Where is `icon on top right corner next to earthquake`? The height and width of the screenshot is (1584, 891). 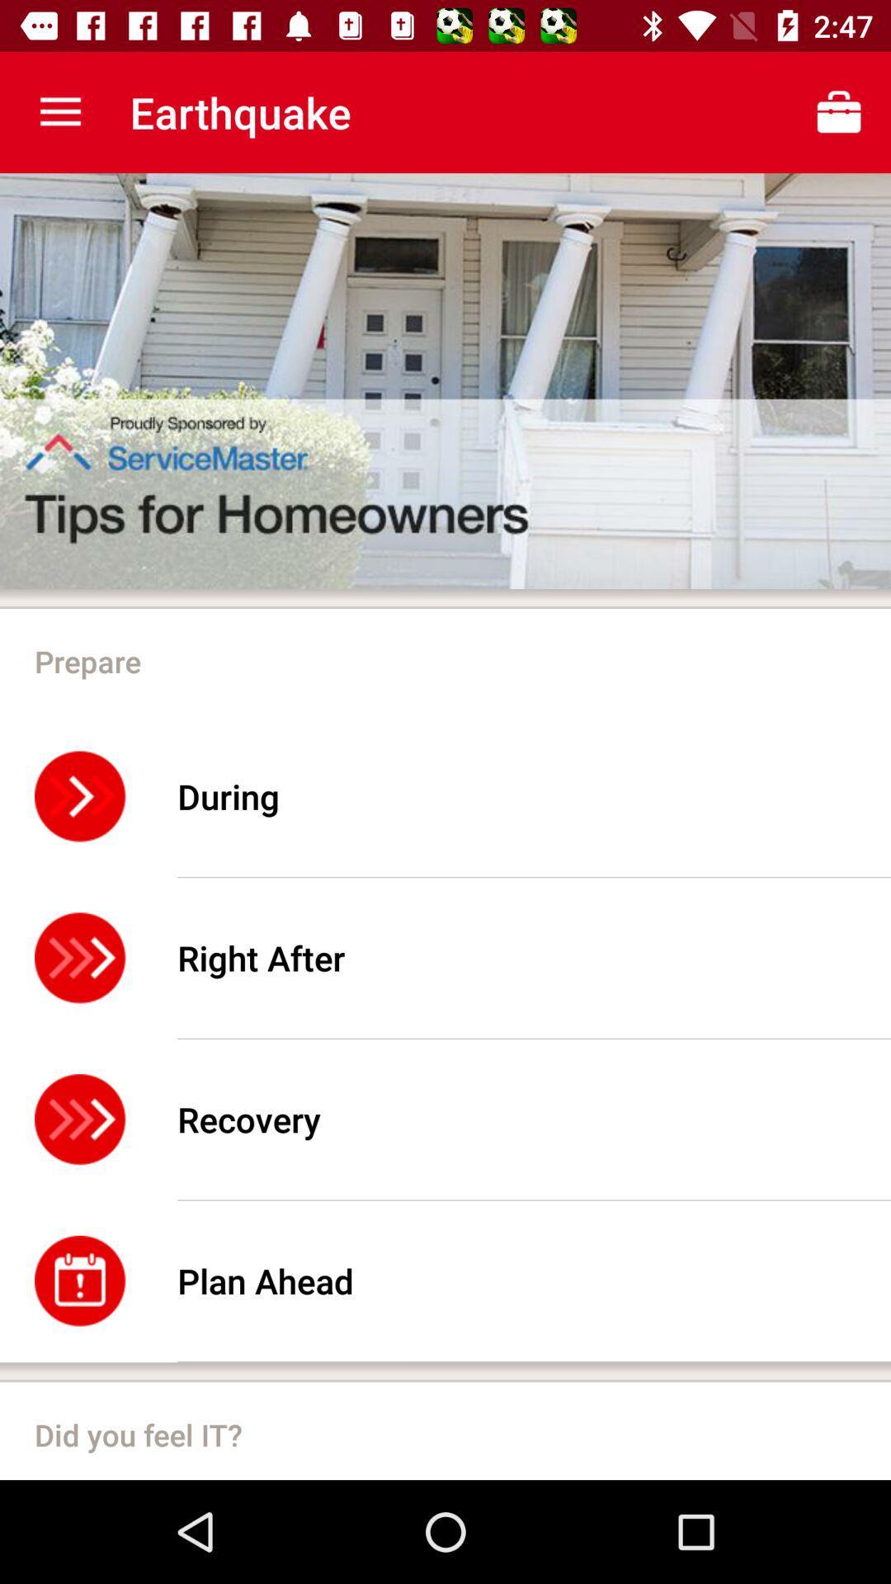 icon on top right corner next to earthquake is located at coordinates (839, 112).